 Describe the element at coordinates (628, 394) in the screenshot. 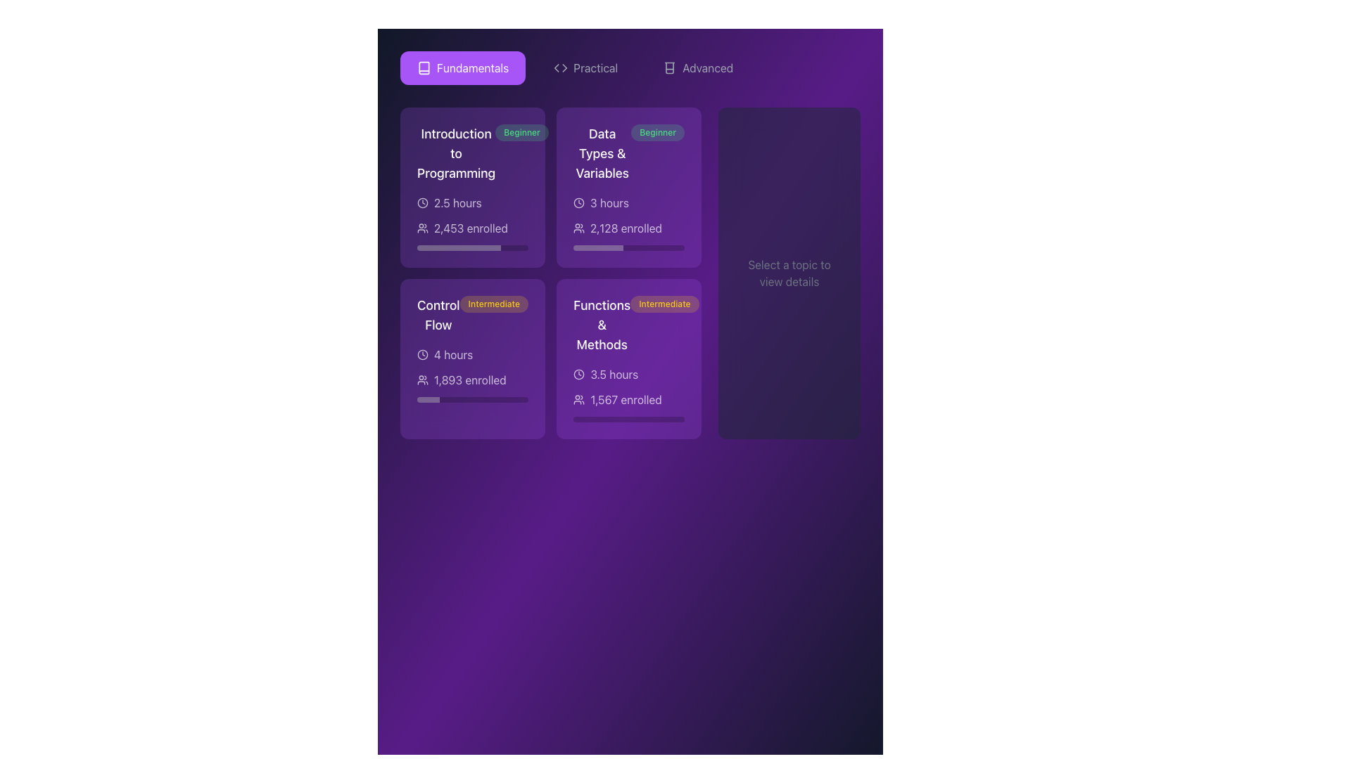

I see `the text block with icons displaying '3.5 hours' and '1,567 enrolled' in the lower section of the 'Functions & Methods Intermediate' card` at that location.